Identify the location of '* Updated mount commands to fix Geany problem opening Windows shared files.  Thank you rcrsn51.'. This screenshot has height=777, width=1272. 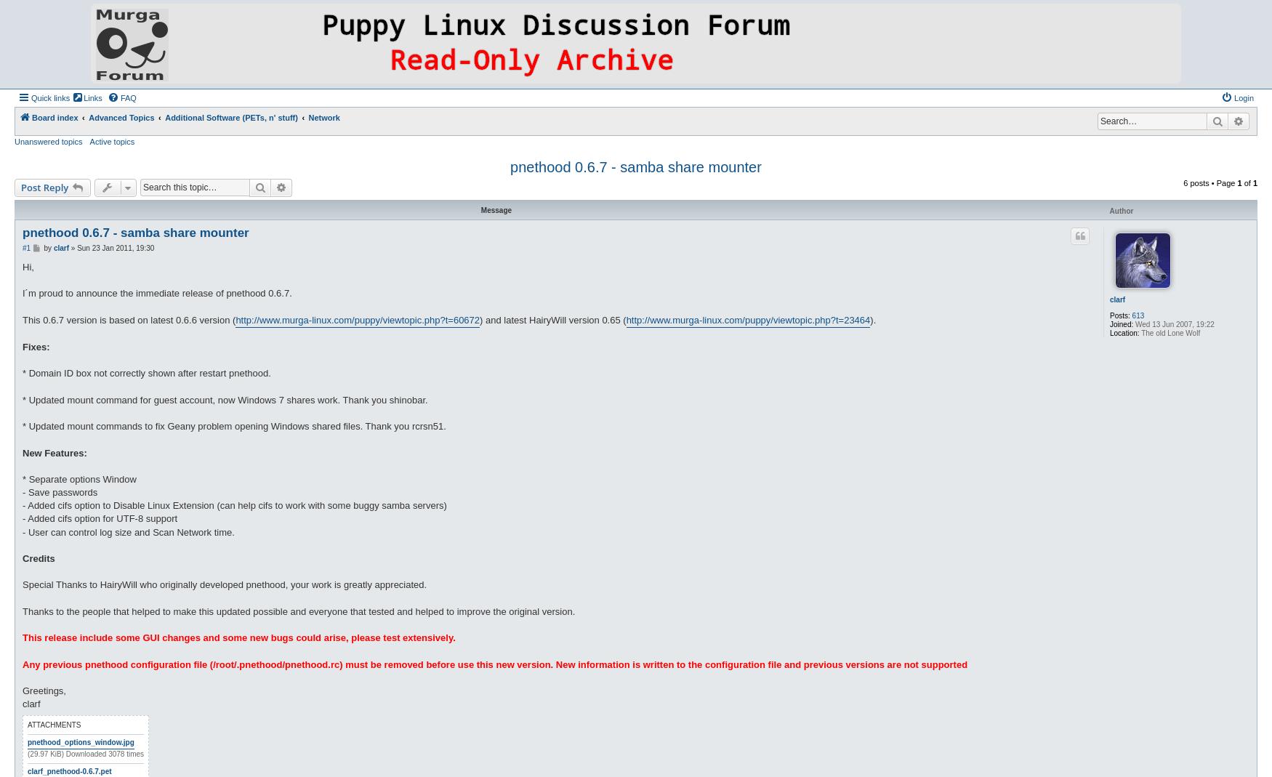
(234, 426).